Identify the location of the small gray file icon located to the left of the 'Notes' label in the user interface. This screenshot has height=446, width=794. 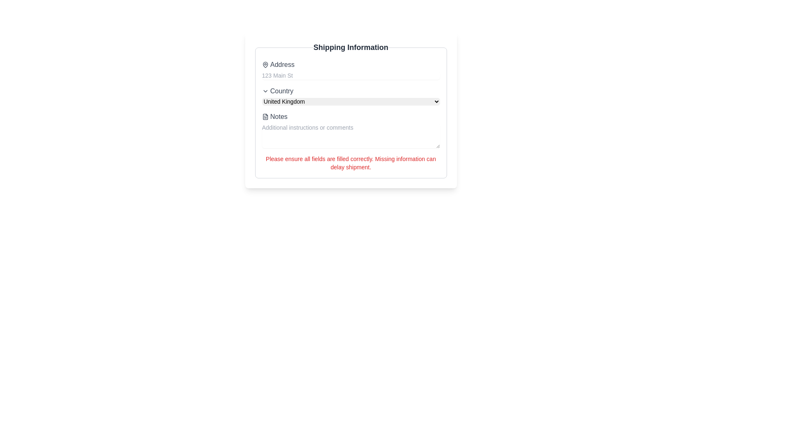
(265, 116).